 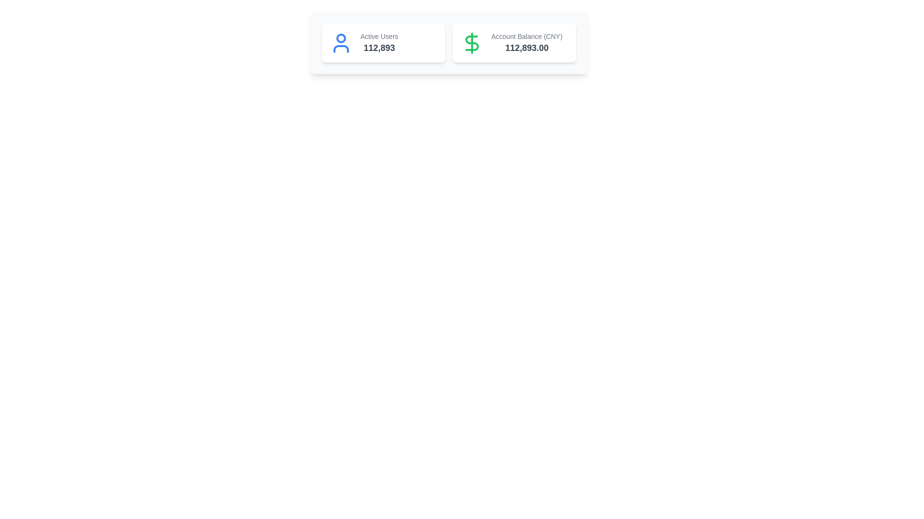 What do you see at coordinates (379, 36) in the screenshot?
I see `the 'Active Users' text label which is displayed in a small, gray font above the numerical figure '112,893'` at bounding box center [379, 36].